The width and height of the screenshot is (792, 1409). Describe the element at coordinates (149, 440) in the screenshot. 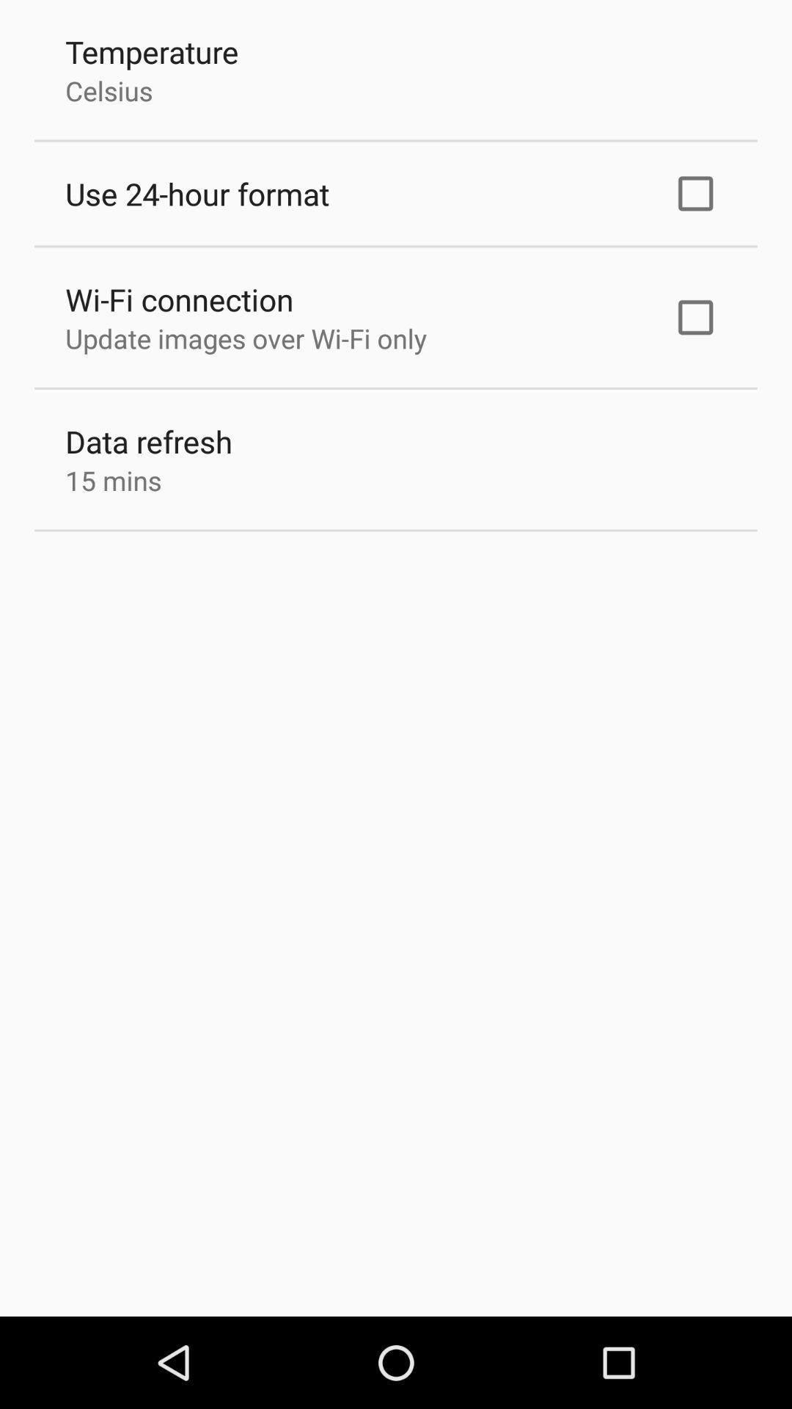

I see `the item above the 15 mins item` at that location.